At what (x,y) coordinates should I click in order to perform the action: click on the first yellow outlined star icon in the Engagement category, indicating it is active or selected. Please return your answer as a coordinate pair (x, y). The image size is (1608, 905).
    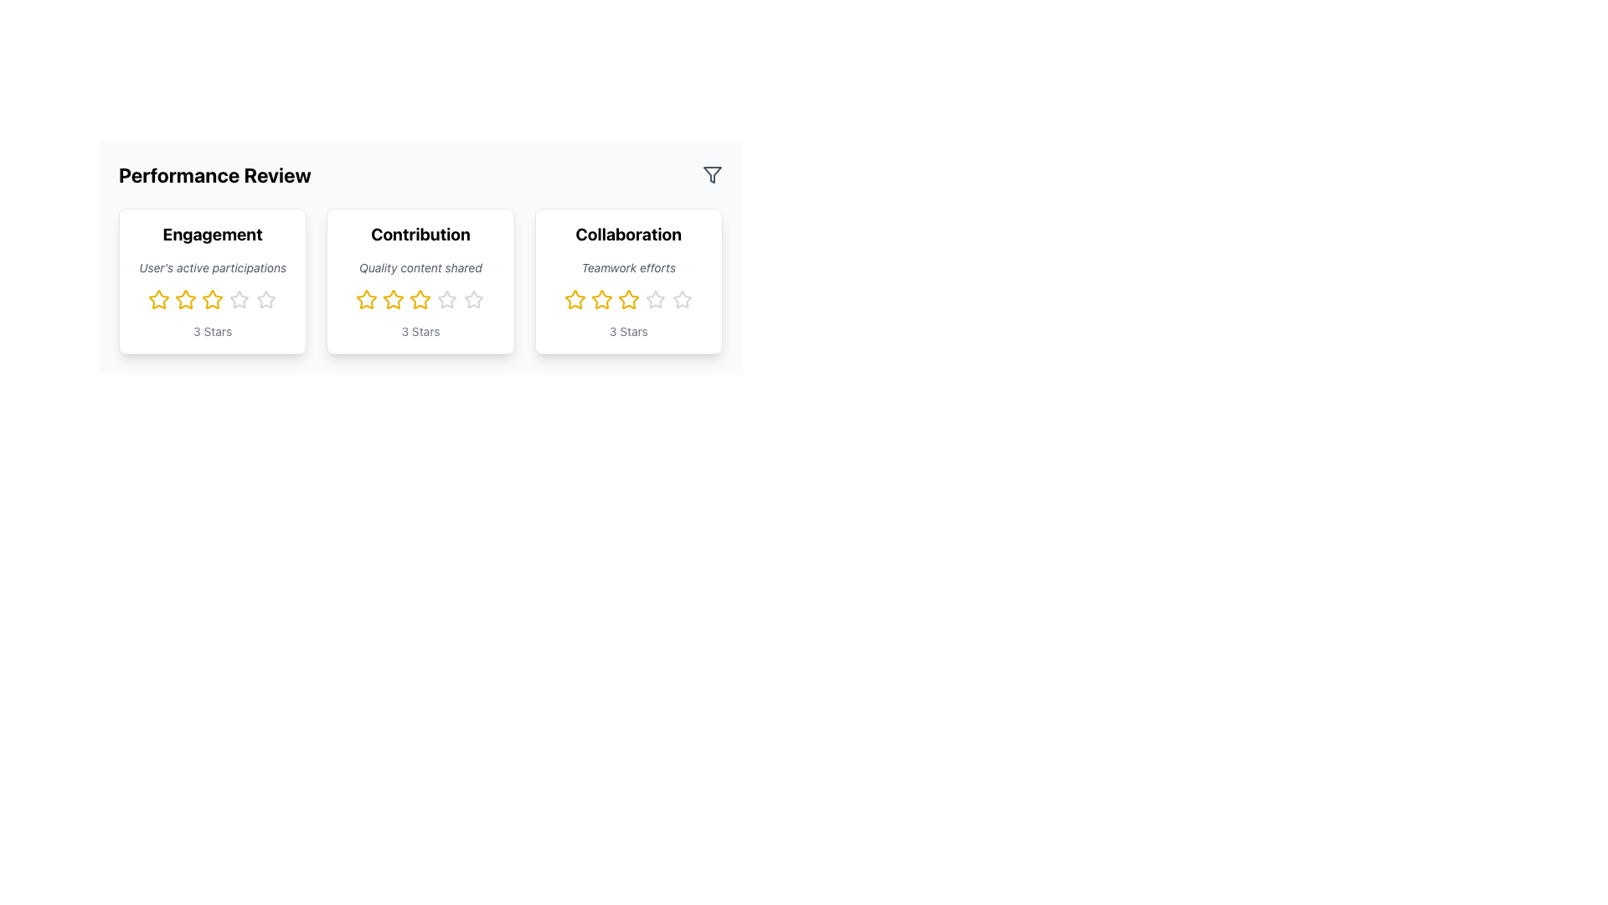
    Looking at the image, I should click on (159, 299).